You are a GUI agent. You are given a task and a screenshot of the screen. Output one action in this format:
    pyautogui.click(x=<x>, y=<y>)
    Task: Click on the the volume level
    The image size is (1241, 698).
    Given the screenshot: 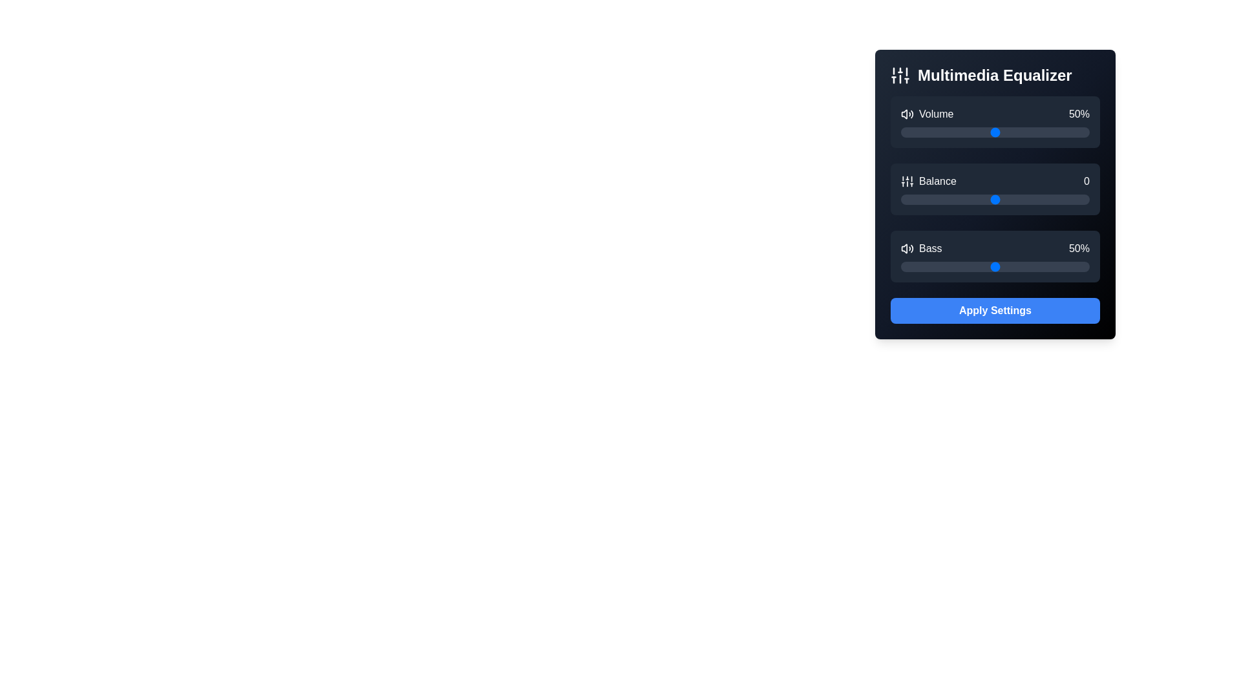 What is the action you would take?
    pyautogui.click(x=1057, y=132)
    